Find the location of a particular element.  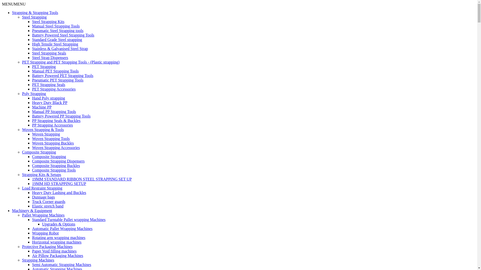

'Composite Strapping Buckles' is located at coordinates (56, 165).